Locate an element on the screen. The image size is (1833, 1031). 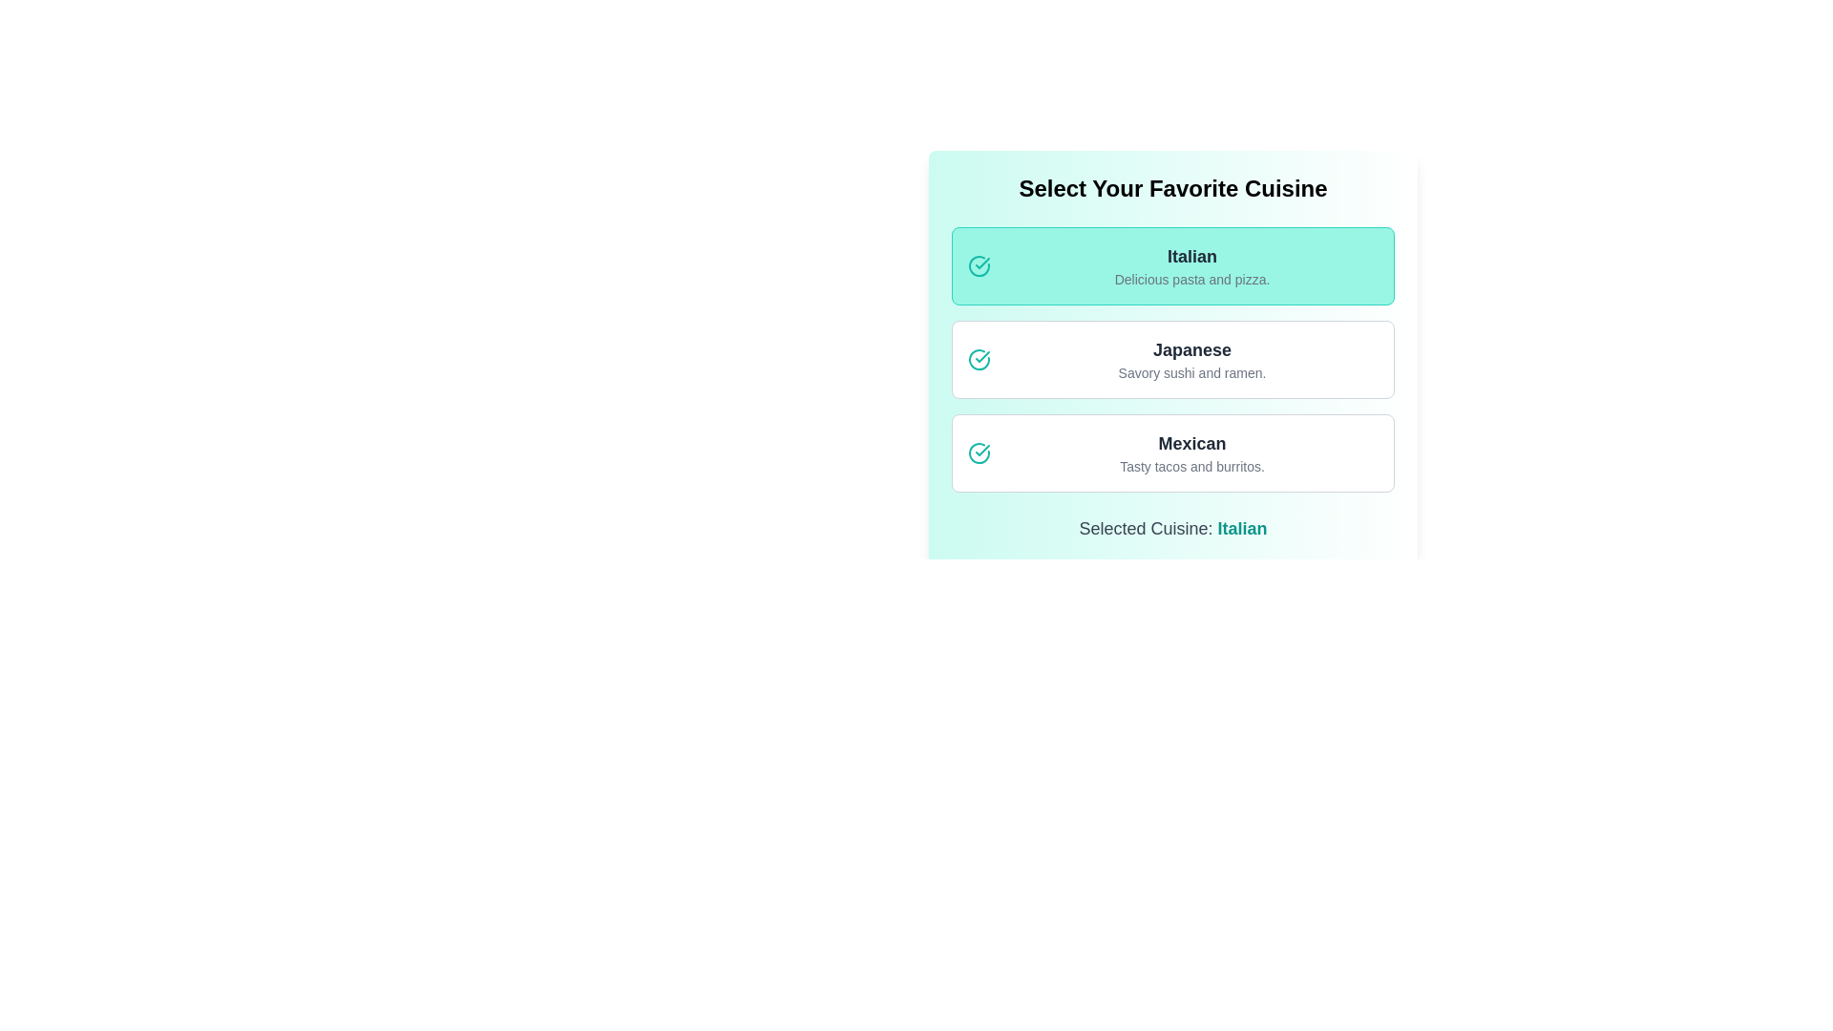
the selectable list item representing 'Japanese' cuisine is located at coordinates (1171, 360).